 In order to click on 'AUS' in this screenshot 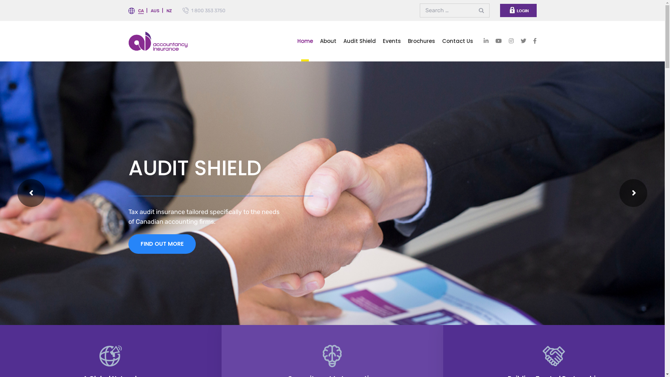, I will do `click(155, 10)`.